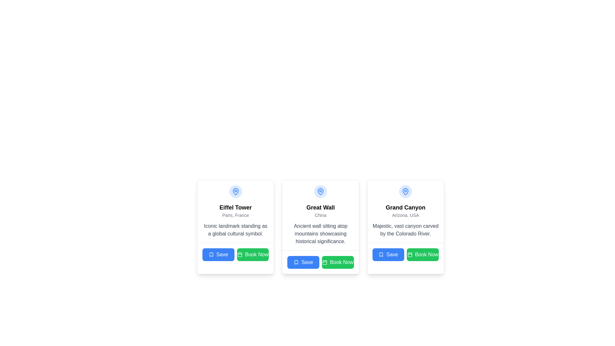 The width and height of the screenshot is (615, 346). I want to click on the Informational card that provides details about the Great Wall, located in the middle column below the blue map pin icon, so click(320, 215).